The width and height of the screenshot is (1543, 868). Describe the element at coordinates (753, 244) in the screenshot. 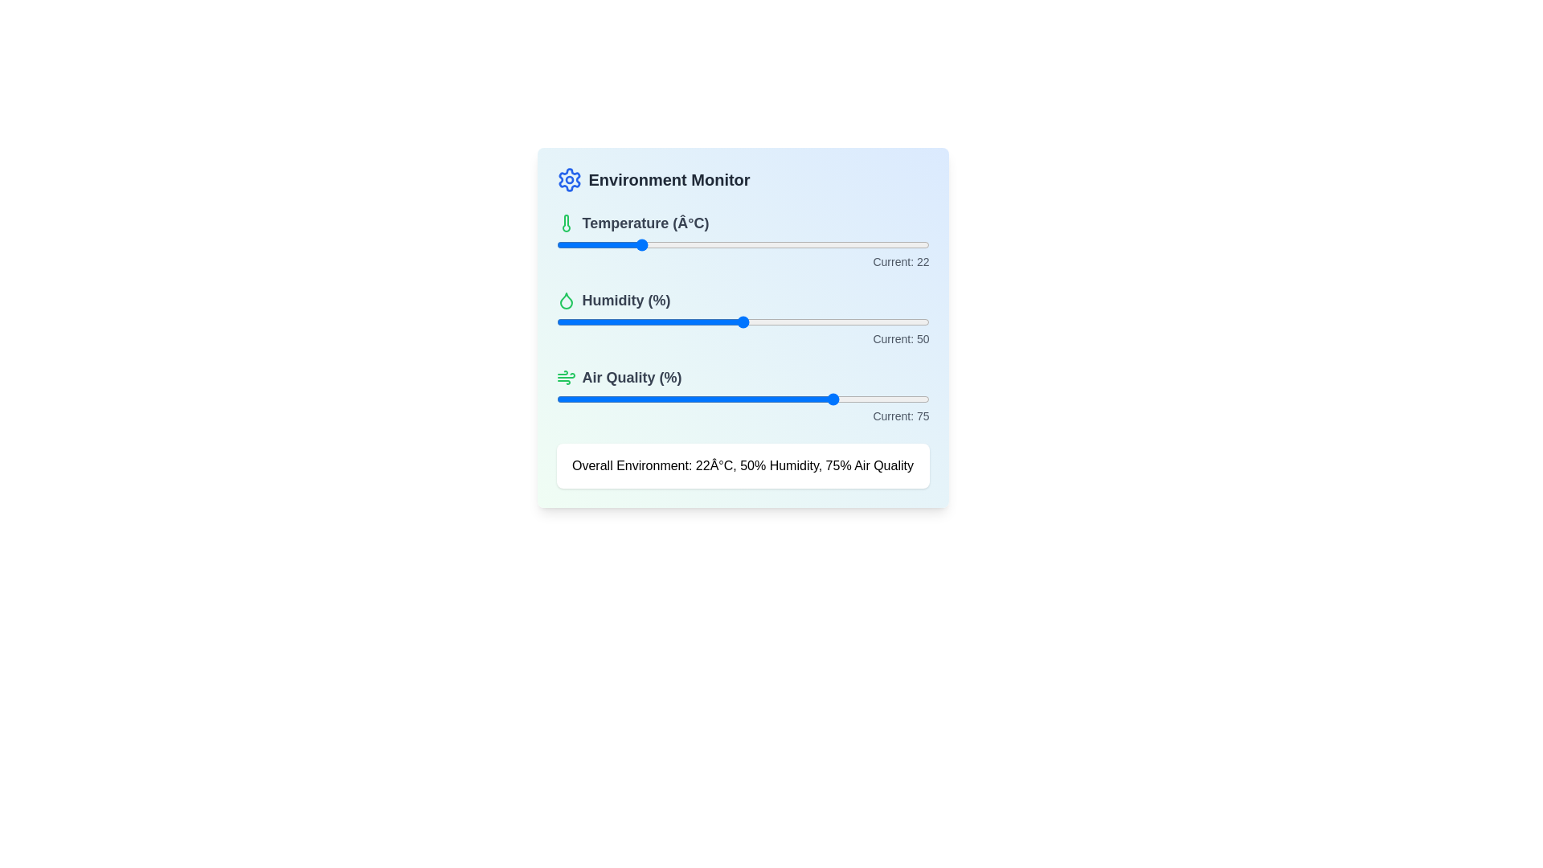

I see `the temperature slider to set the temperature to 53 degrees Celsius` at that location.